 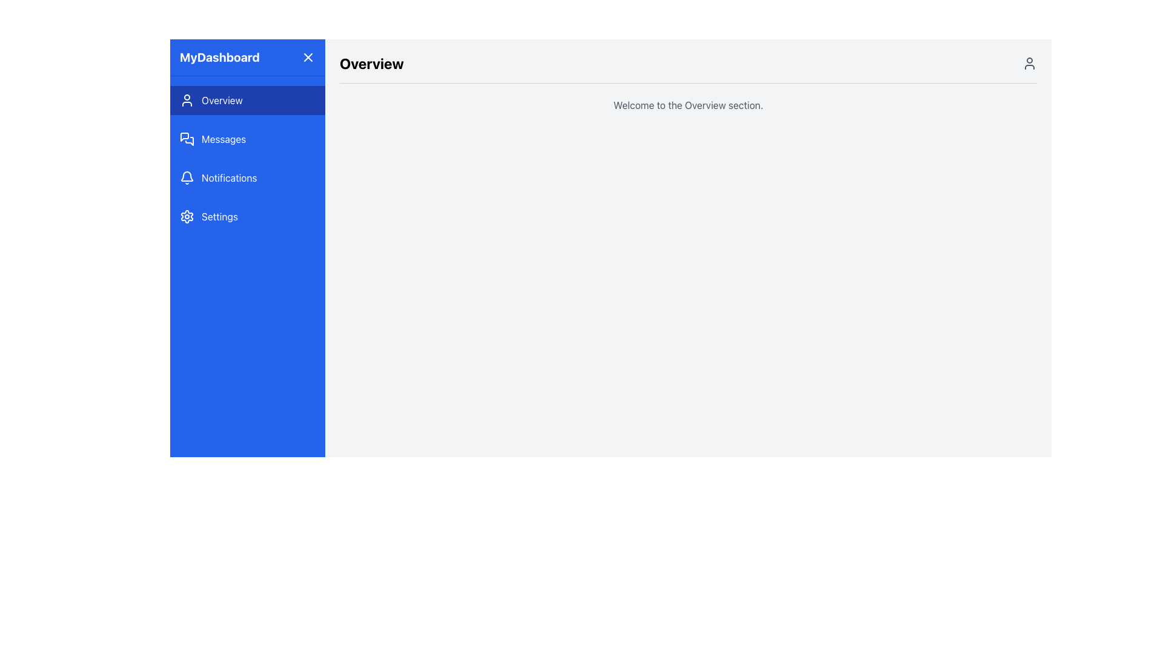 I want to click on the speech bubble icon located in the left navigation panel, second from the top, next to the 'Messages' label, so click(x=186, y=139).